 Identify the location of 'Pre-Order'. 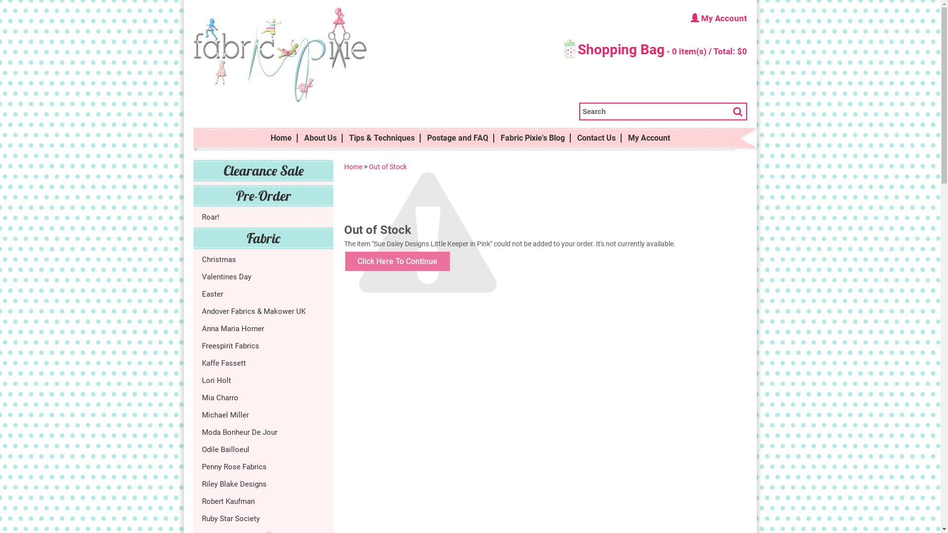
(263, 195).